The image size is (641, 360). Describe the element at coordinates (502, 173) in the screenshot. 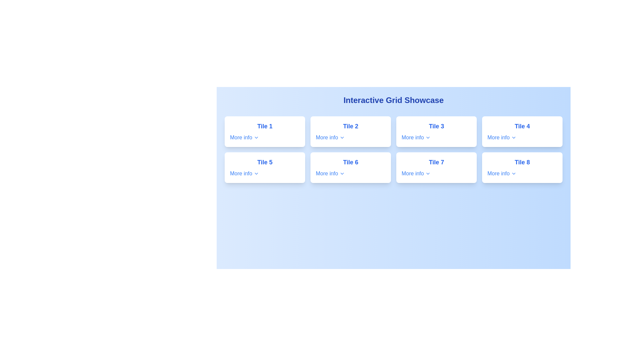

I see `the 'More info' button located in the bottom-right of the 'Tile 8' card` at that location.